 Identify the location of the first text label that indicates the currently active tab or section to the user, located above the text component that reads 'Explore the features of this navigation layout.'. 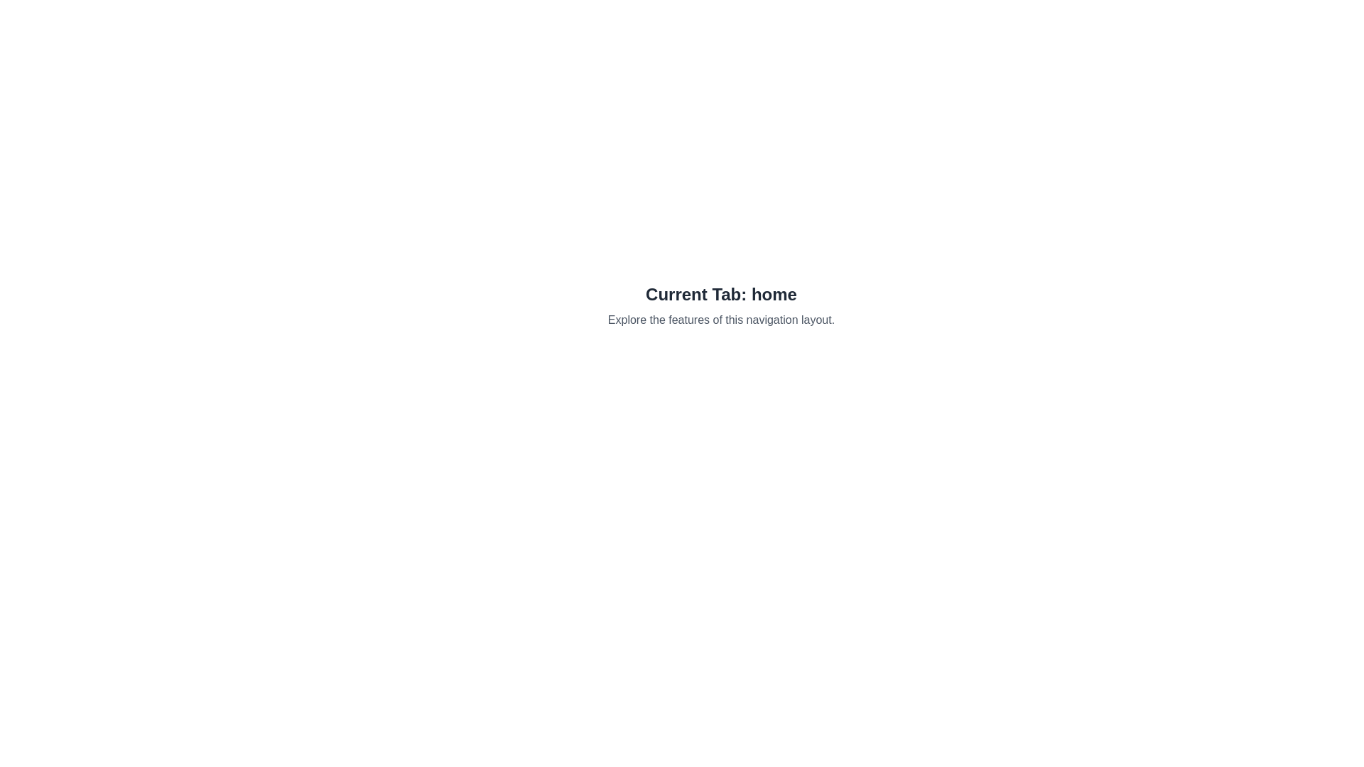
(721, 294).